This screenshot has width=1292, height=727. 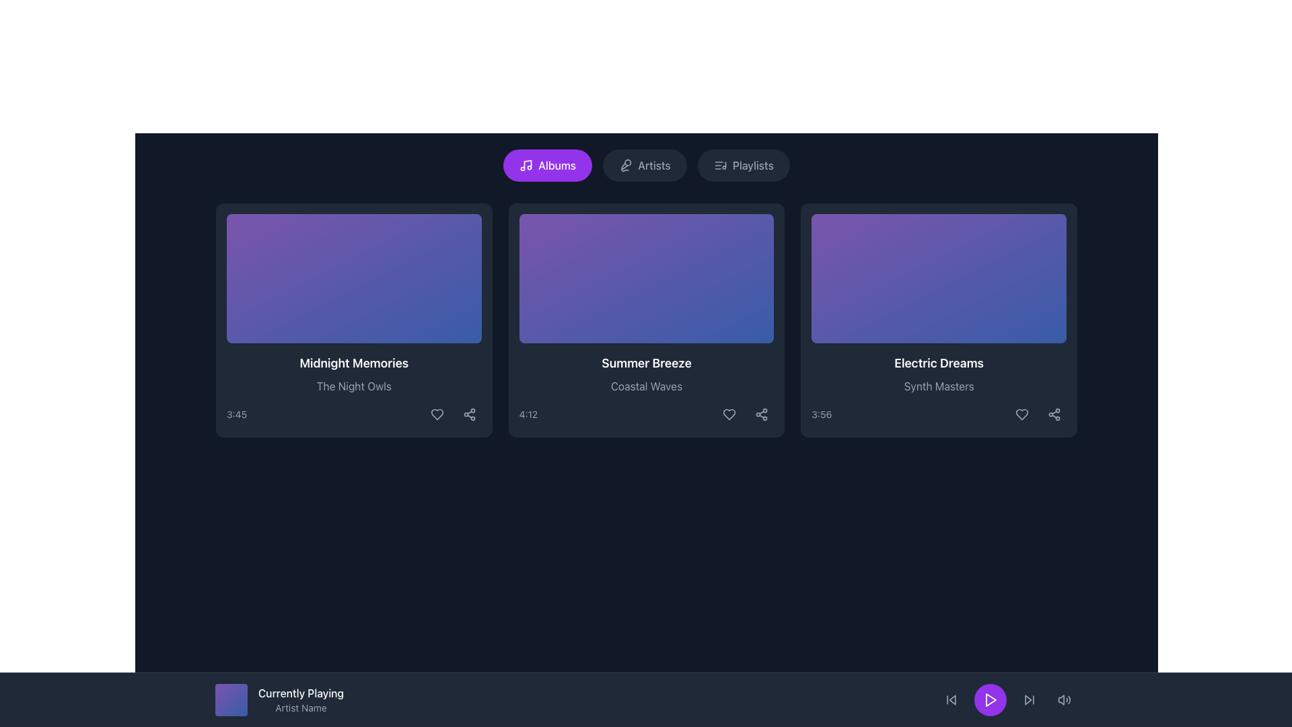 I want to click on the text label displaying 'The Night Owls', which is located beneath 'Midnight Memories' and above the duration text '3:45' in the leftmost album card, so click(x=354, y=386).